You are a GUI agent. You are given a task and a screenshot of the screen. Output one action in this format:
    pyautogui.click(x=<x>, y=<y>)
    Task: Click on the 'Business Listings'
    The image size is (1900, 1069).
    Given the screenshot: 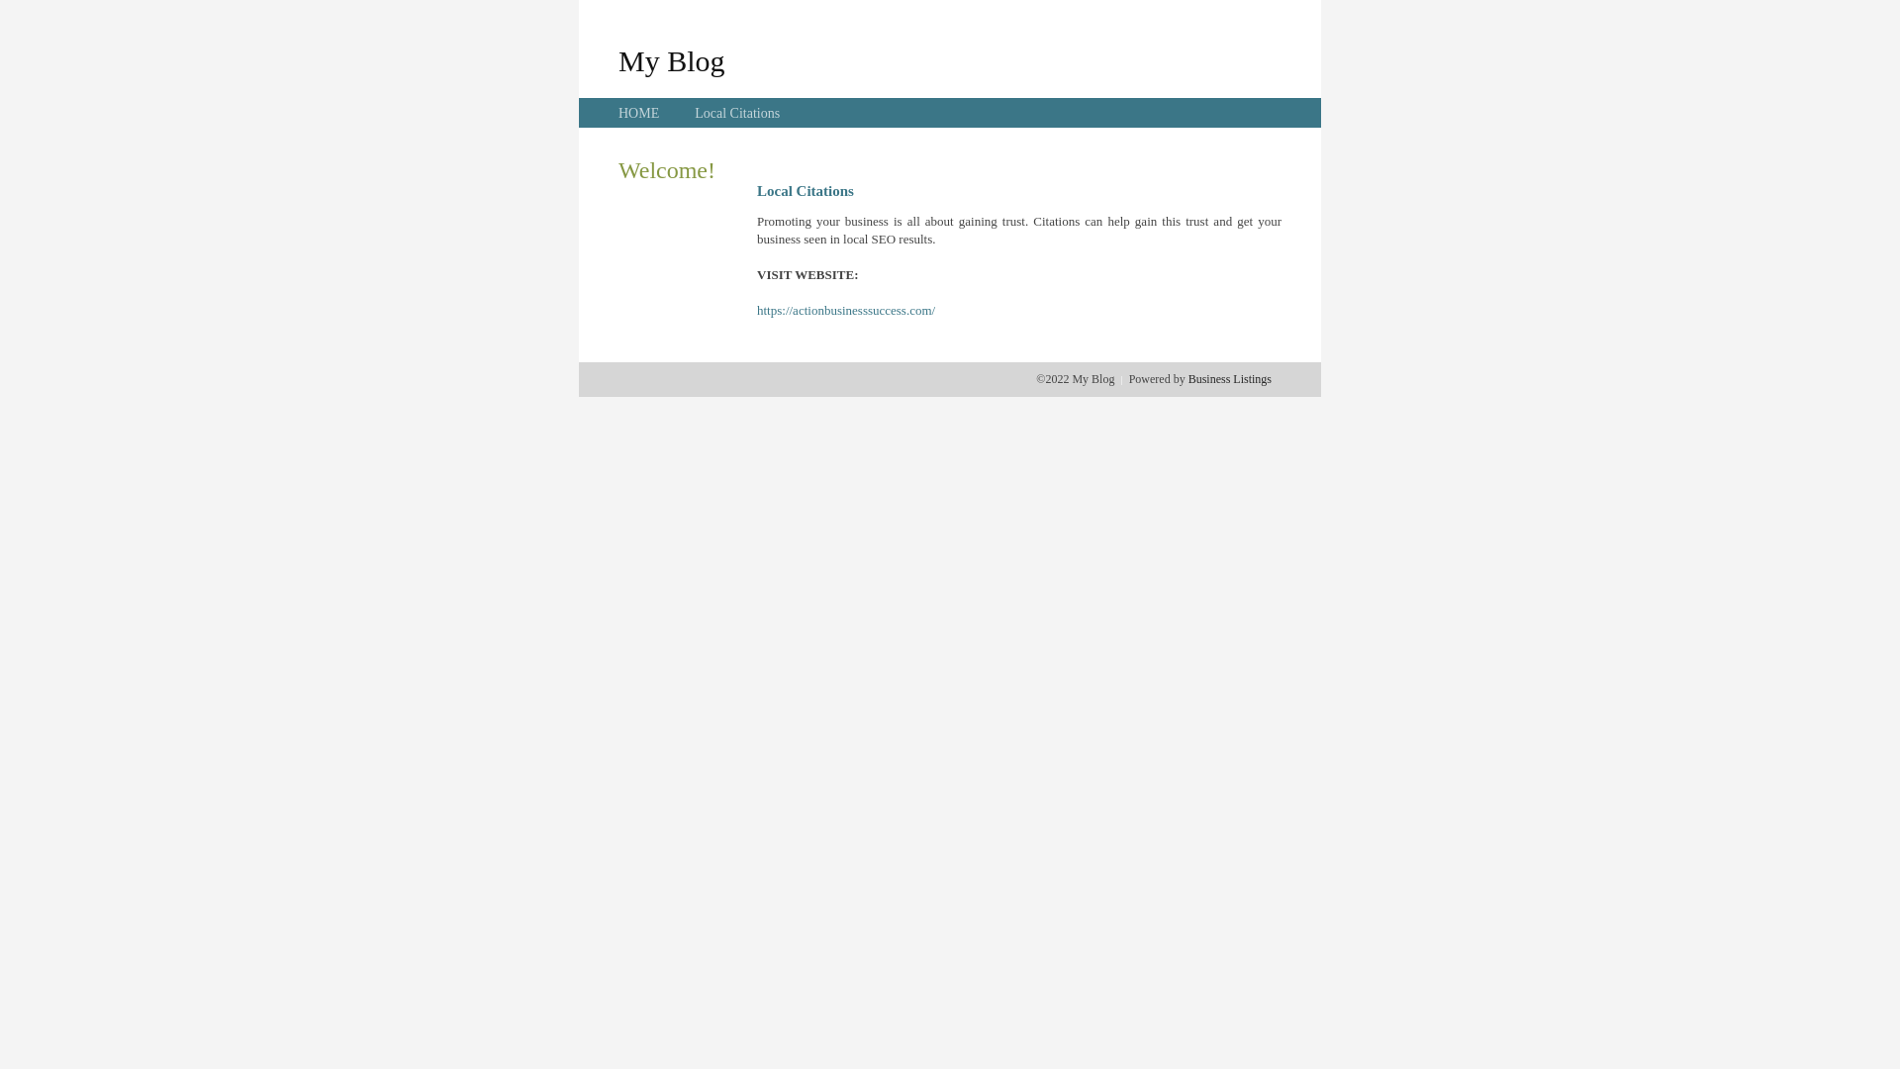 What is the action you would take?
    pyautogui.click(x=1229, y=378)
    